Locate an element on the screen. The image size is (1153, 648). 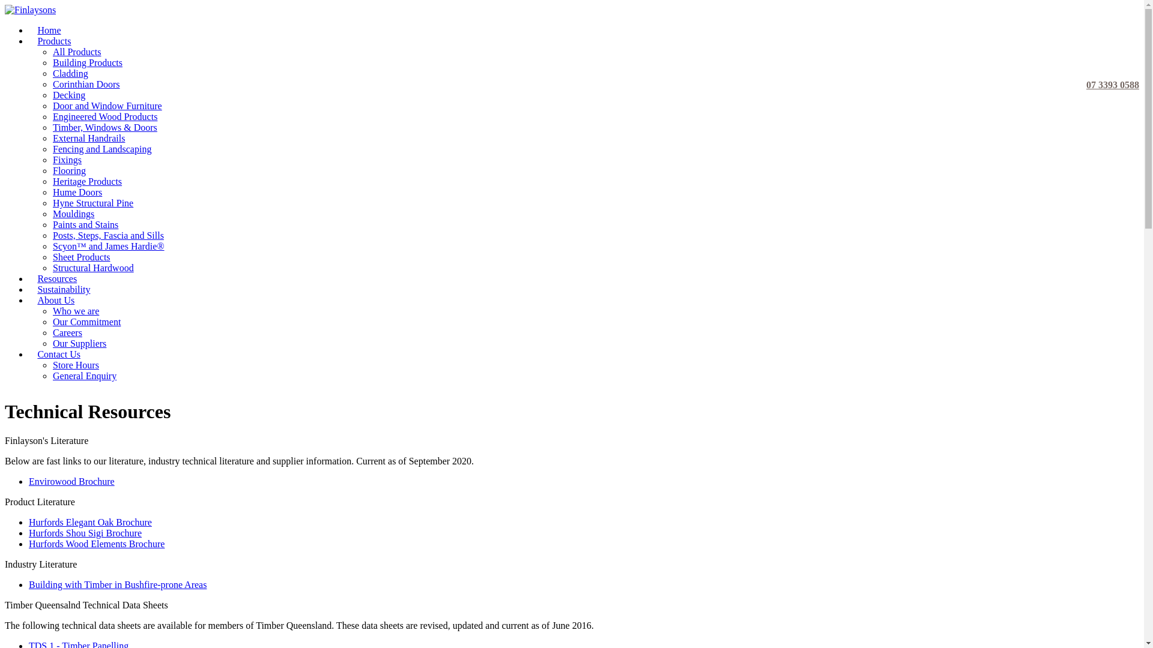
'General Enquiry' is located at coordinates (83, 375).